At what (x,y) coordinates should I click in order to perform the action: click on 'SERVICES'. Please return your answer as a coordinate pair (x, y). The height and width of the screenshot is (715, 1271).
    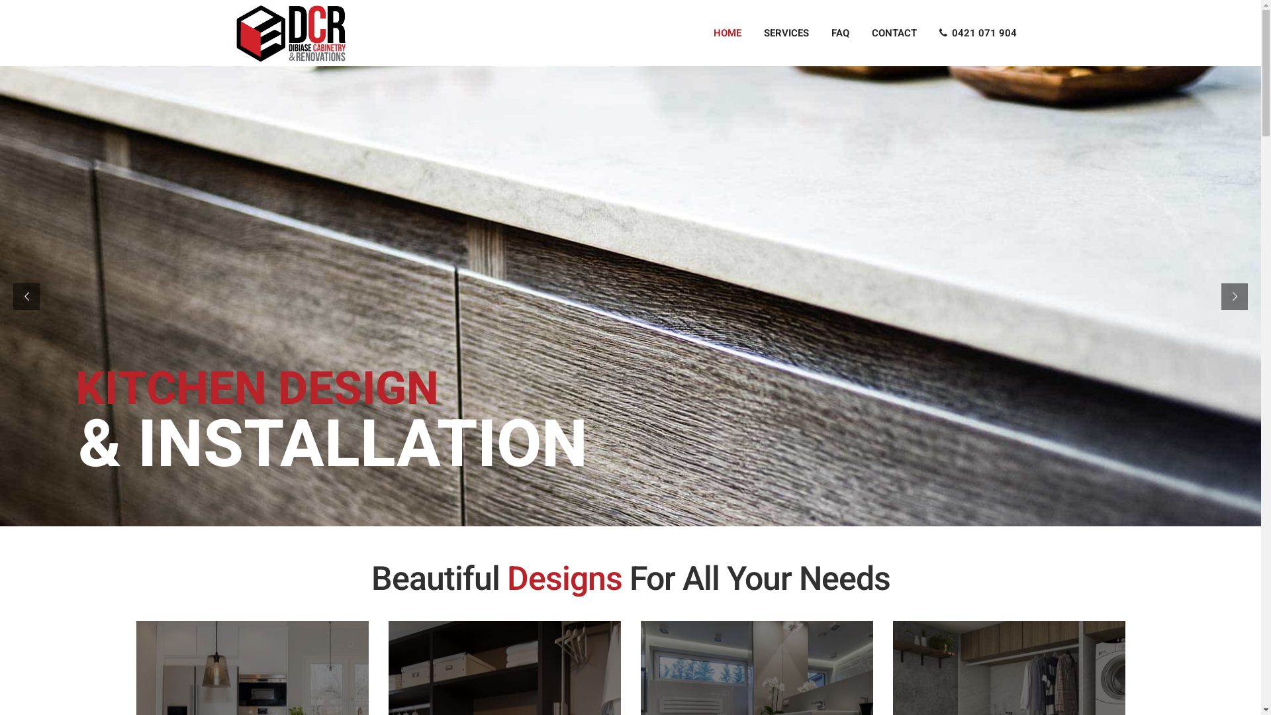
    Looking at the image, I should click on (752, 32).